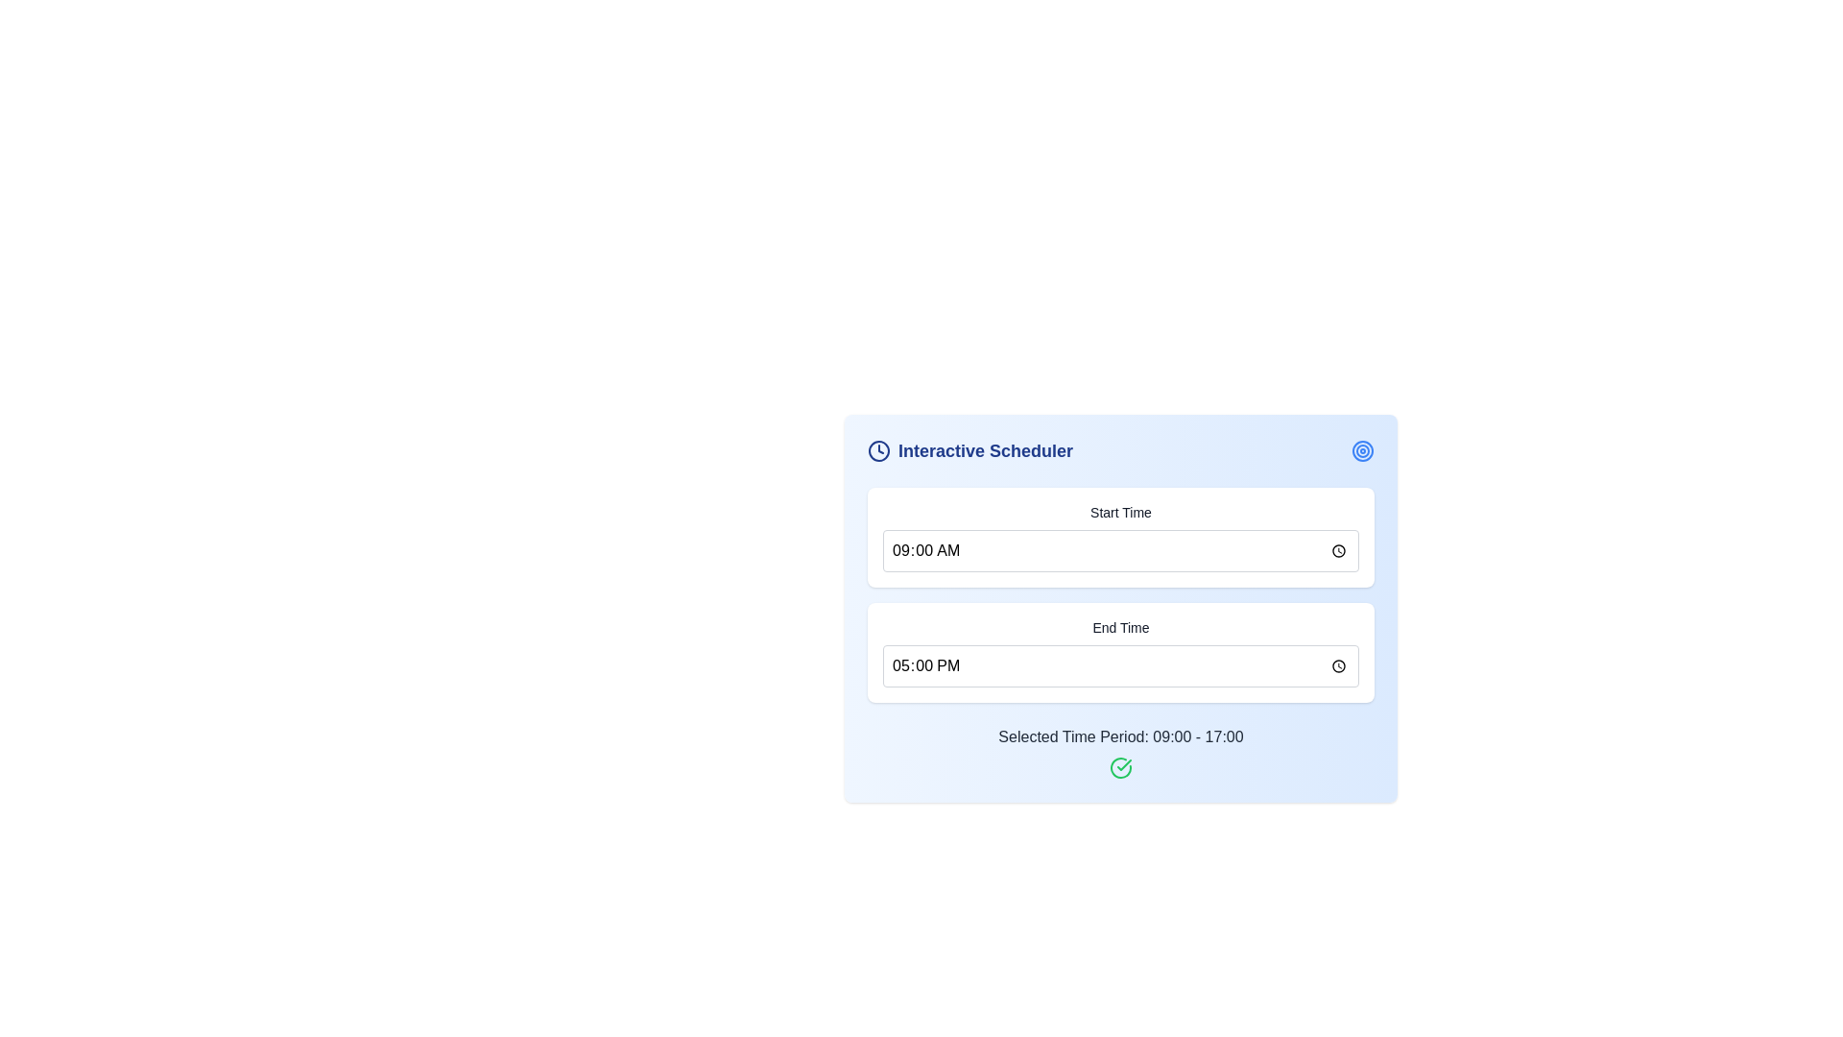  Describe the element at coordinates (1120, 736) in the screenshot. I see `the text label displaying 'Selected Time Period: 09:00 - 17:00' which is positioned above the green checkmark icon in the 'Interactive Scheduler' interface` at that location.